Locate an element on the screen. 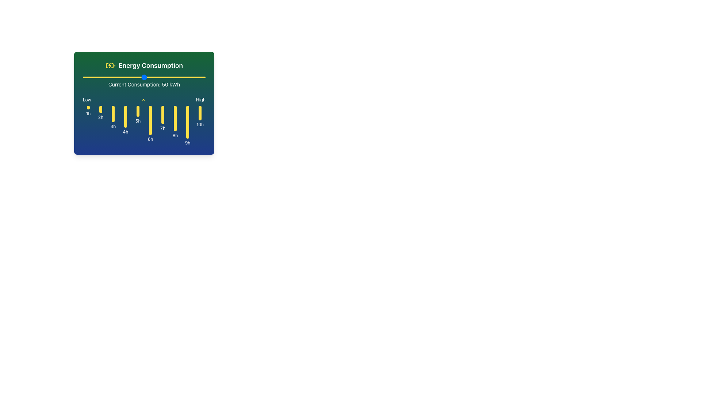 The image size is (701, 394). the energy consumption slider is located at coordinates (121, 78).